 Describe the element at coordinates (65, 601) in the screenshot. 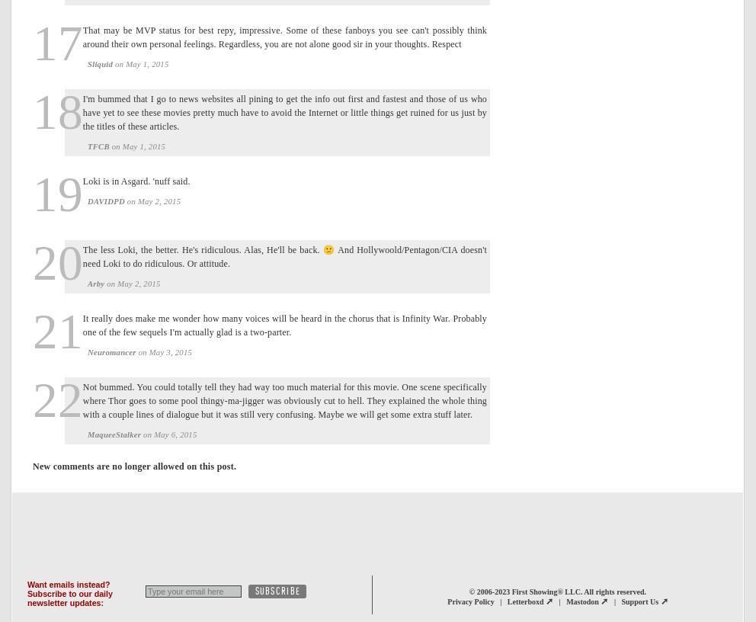

I see `'newsletter updates:'` at that location.